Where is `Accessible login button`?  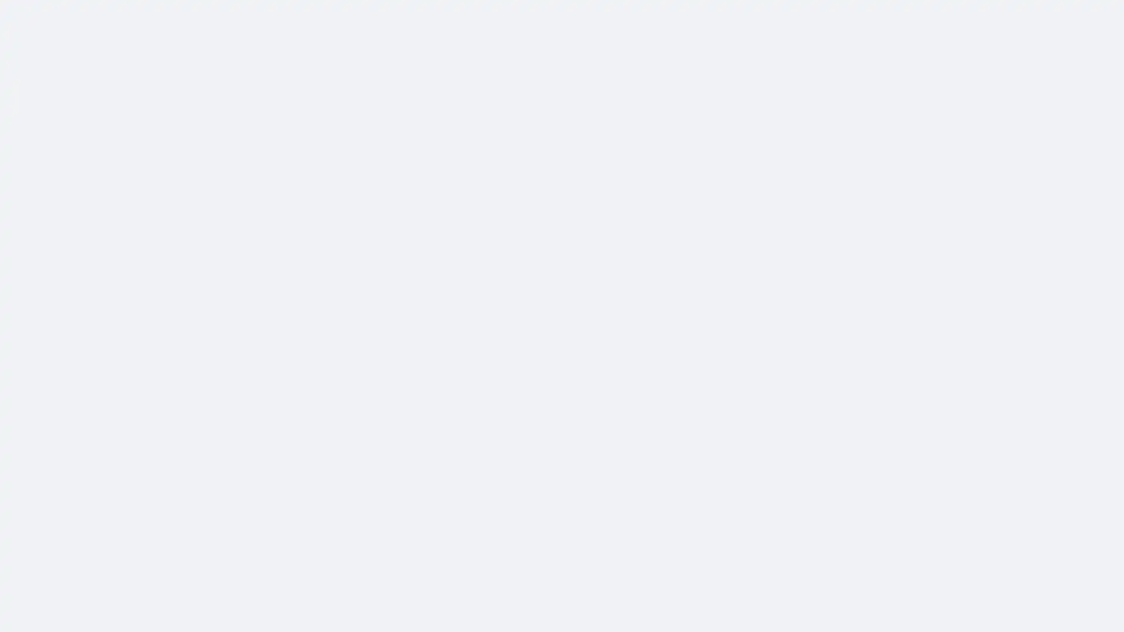 Accessible login button is located at coordinates (980, 16).